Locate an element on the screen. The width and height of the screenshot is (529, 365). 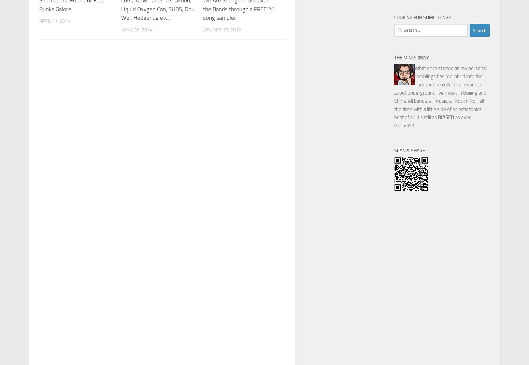
'The Mini Skinny' is located at coordinates (394, 58).